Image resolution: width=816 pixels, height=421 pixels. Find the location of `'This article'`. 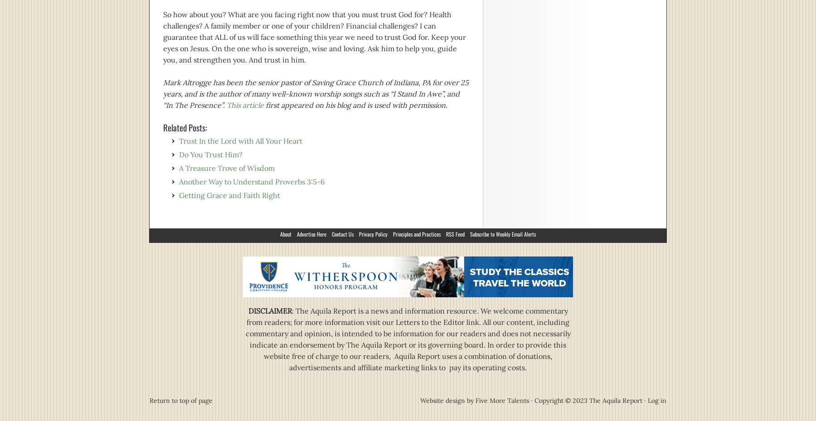

'This article' is located at coordinates (245, 104).